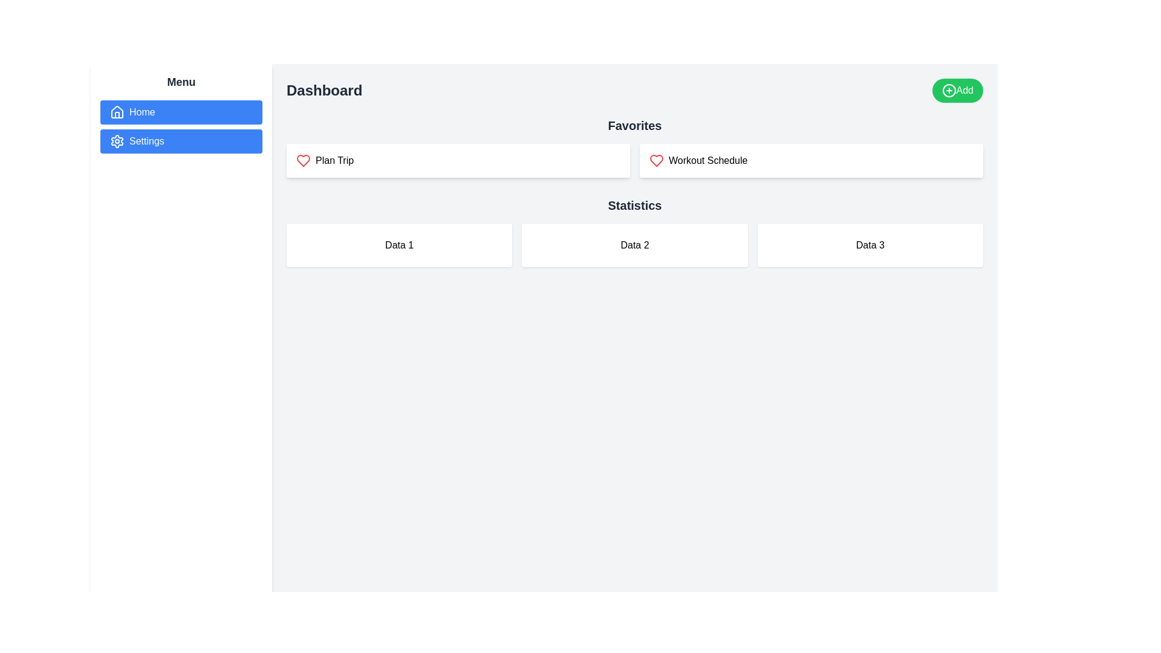 The height and width of the screenshot is (653, 1161). Describe the element at coordinates (870, 245) in the screenshot. I see `the 'Data 3' card in the 'Statistics' section, which displays information related to a data category` at that location.